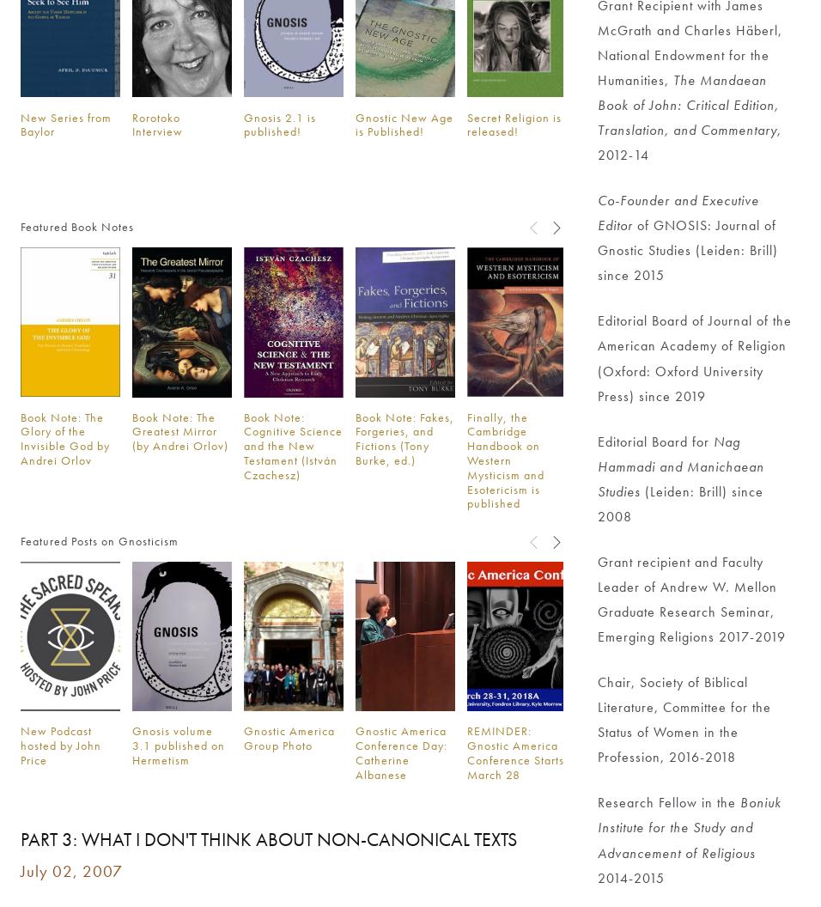  Describe the element at coordinates (179, 745) in the screenshot. I see `'Gnosis volume 3.1 published on Hermetism'` at that location.